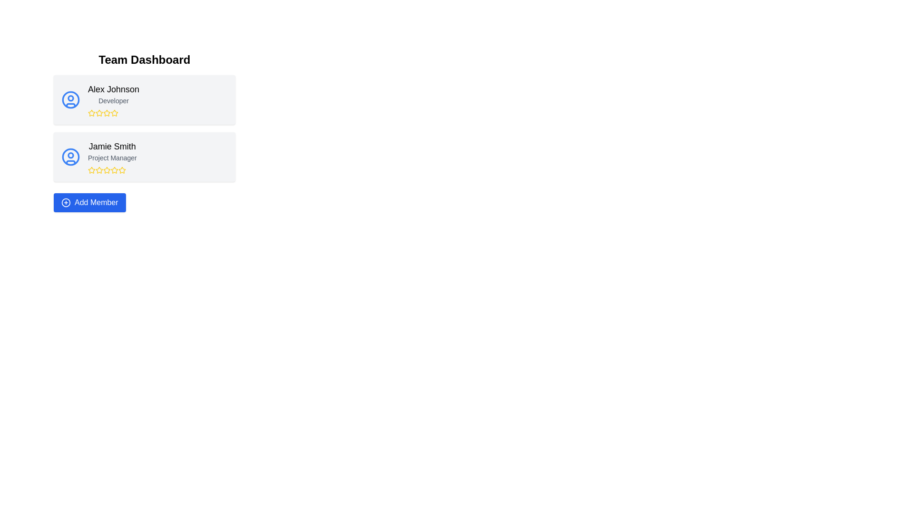 The image size is (913, 514). I want to click on the blue outlined circle representing the user profile icon in the SVG structure, which is positioned in the avatar area of the second card mentioning 'Jamie Smith', so click(70, 157).